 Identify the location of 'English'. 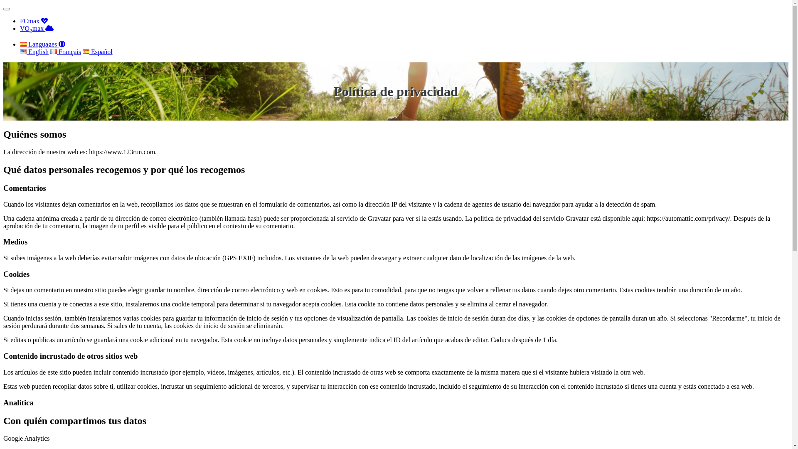
(34, 52).